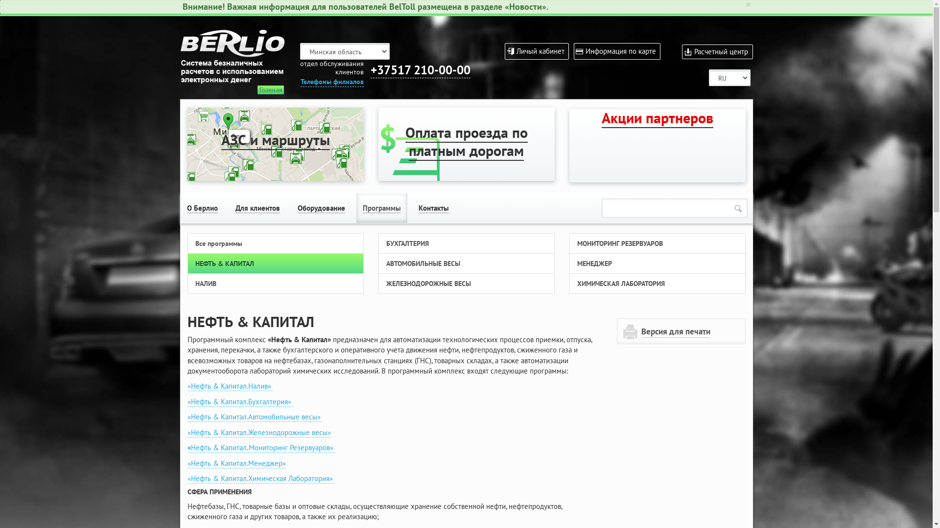 The height and width of the screenshot is (528, 940). I want to click on '+37517 210-00-00', so click(420, 69).